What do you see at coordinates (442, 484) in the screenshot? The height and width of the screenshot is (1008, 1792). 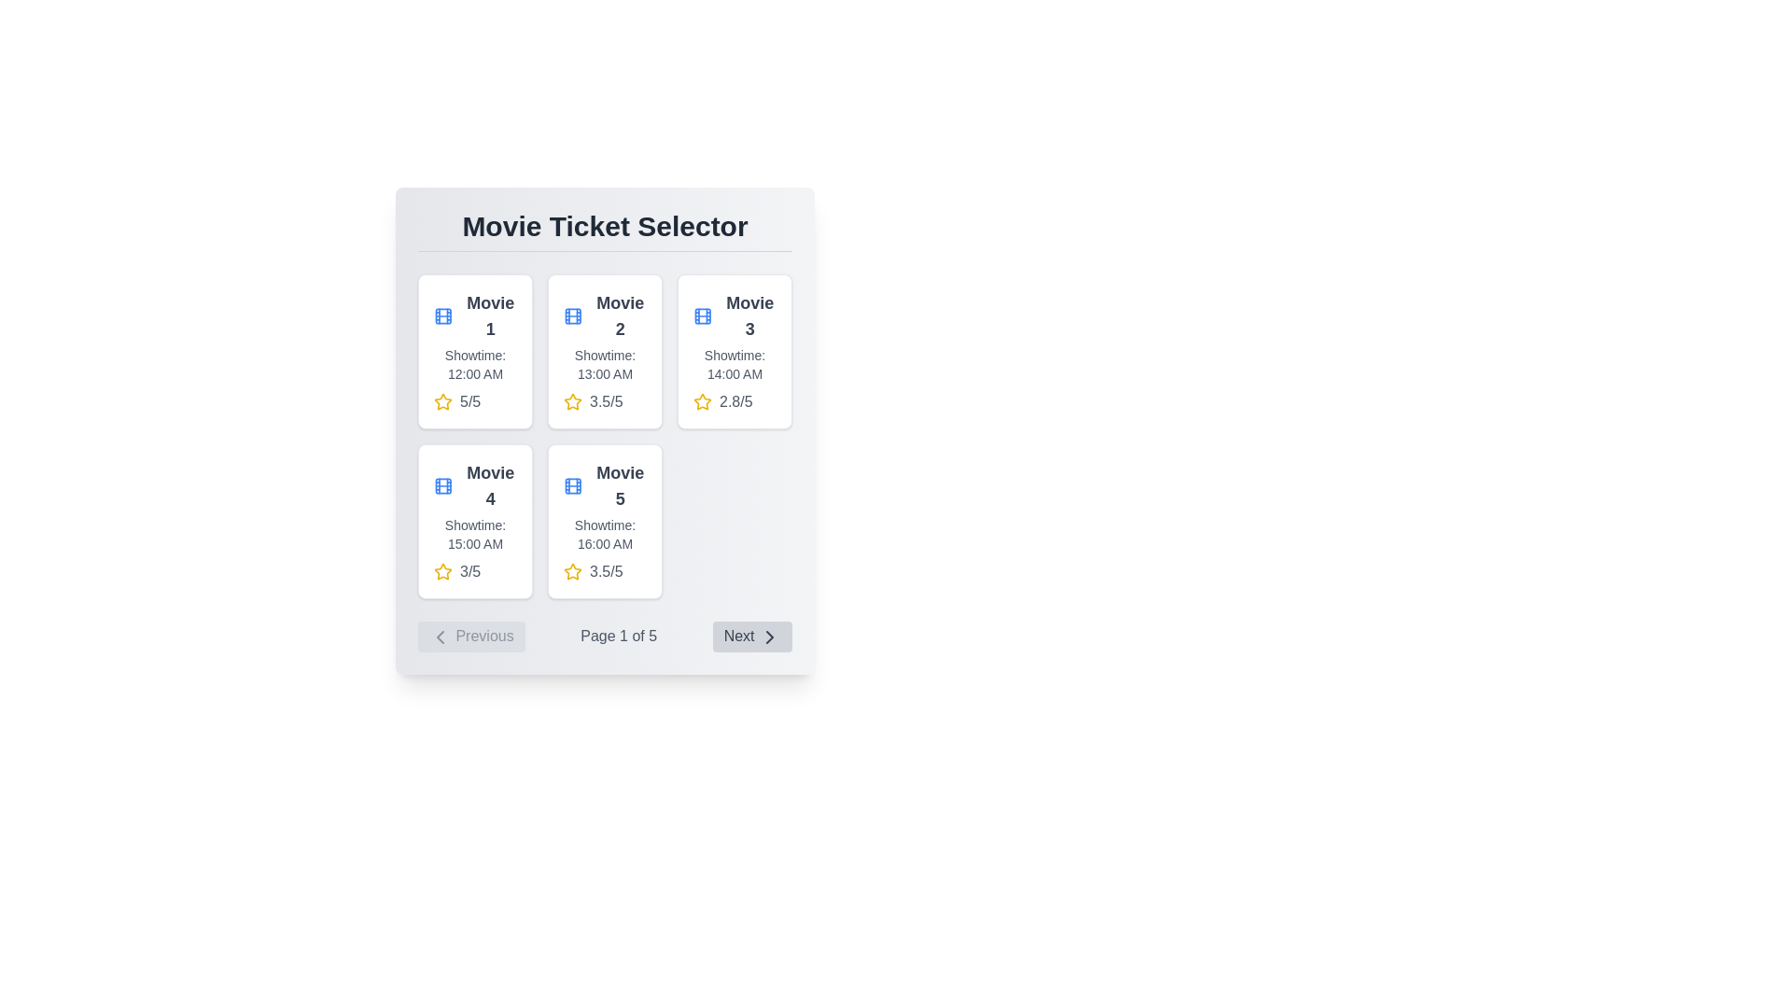 I see `the light blue rectangular icon representing a film reel, located in the header of the second card in the first row of the grid layout` at bounding box center [442, 484].